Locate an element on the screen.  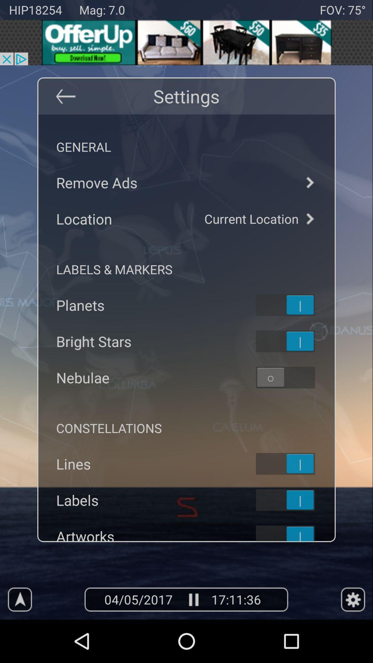
toggles bright stars on app is located at coordinates (294, 341).